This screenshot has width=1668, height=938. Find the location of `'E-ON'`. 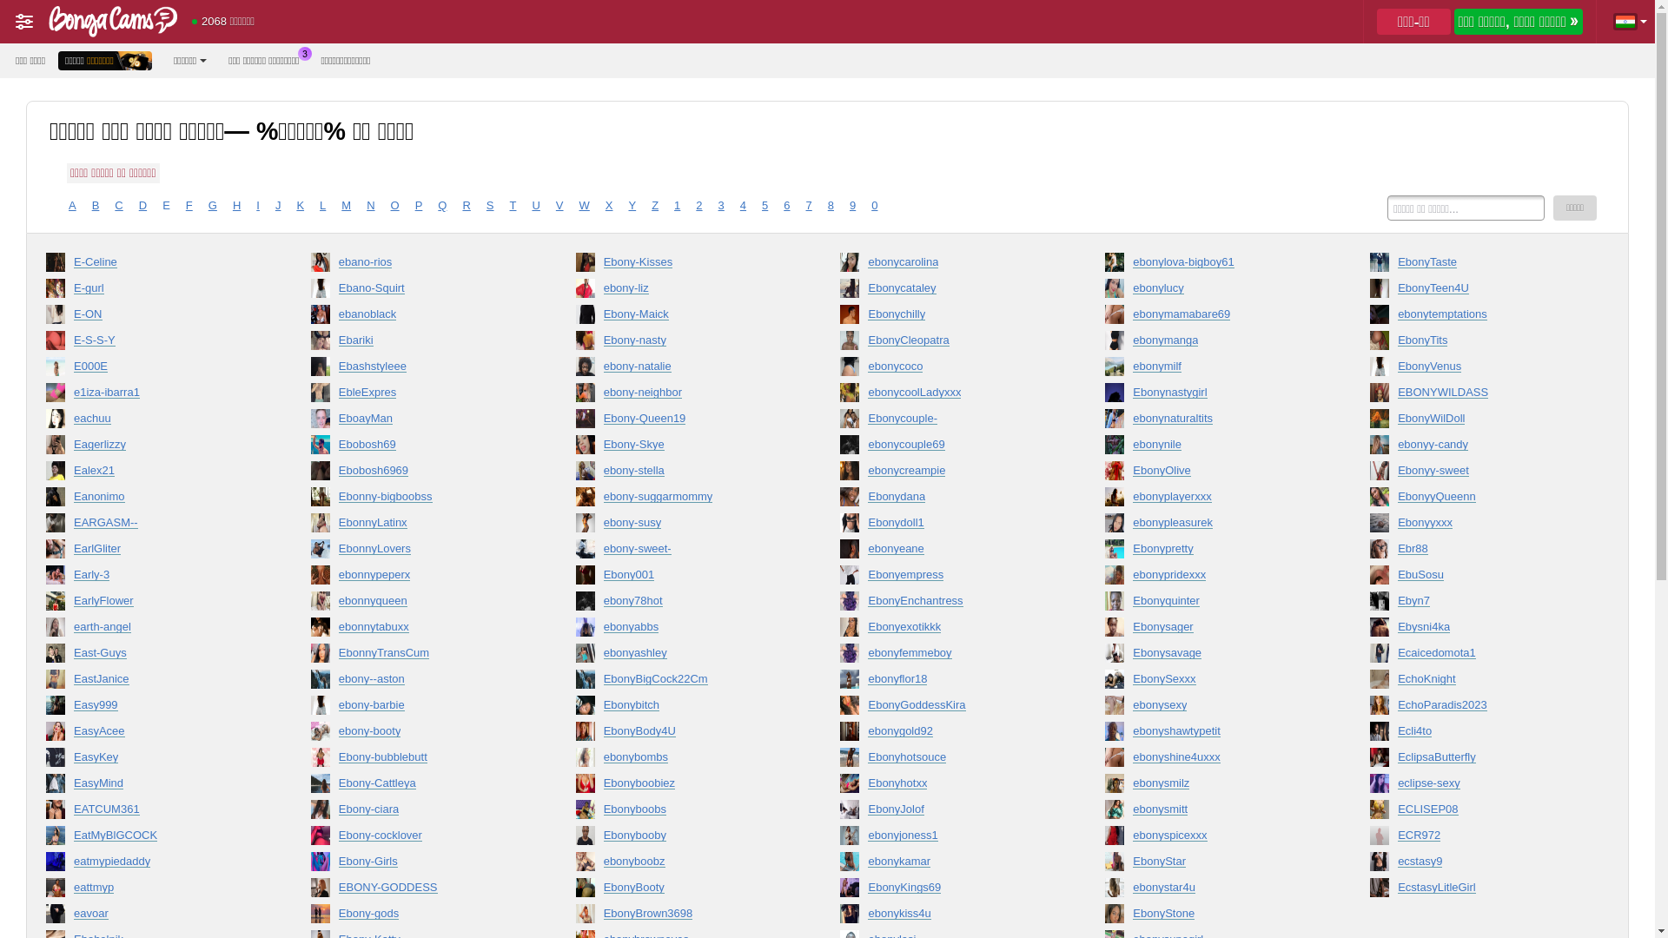

'E-ON' is located at coordinates (45, 318).